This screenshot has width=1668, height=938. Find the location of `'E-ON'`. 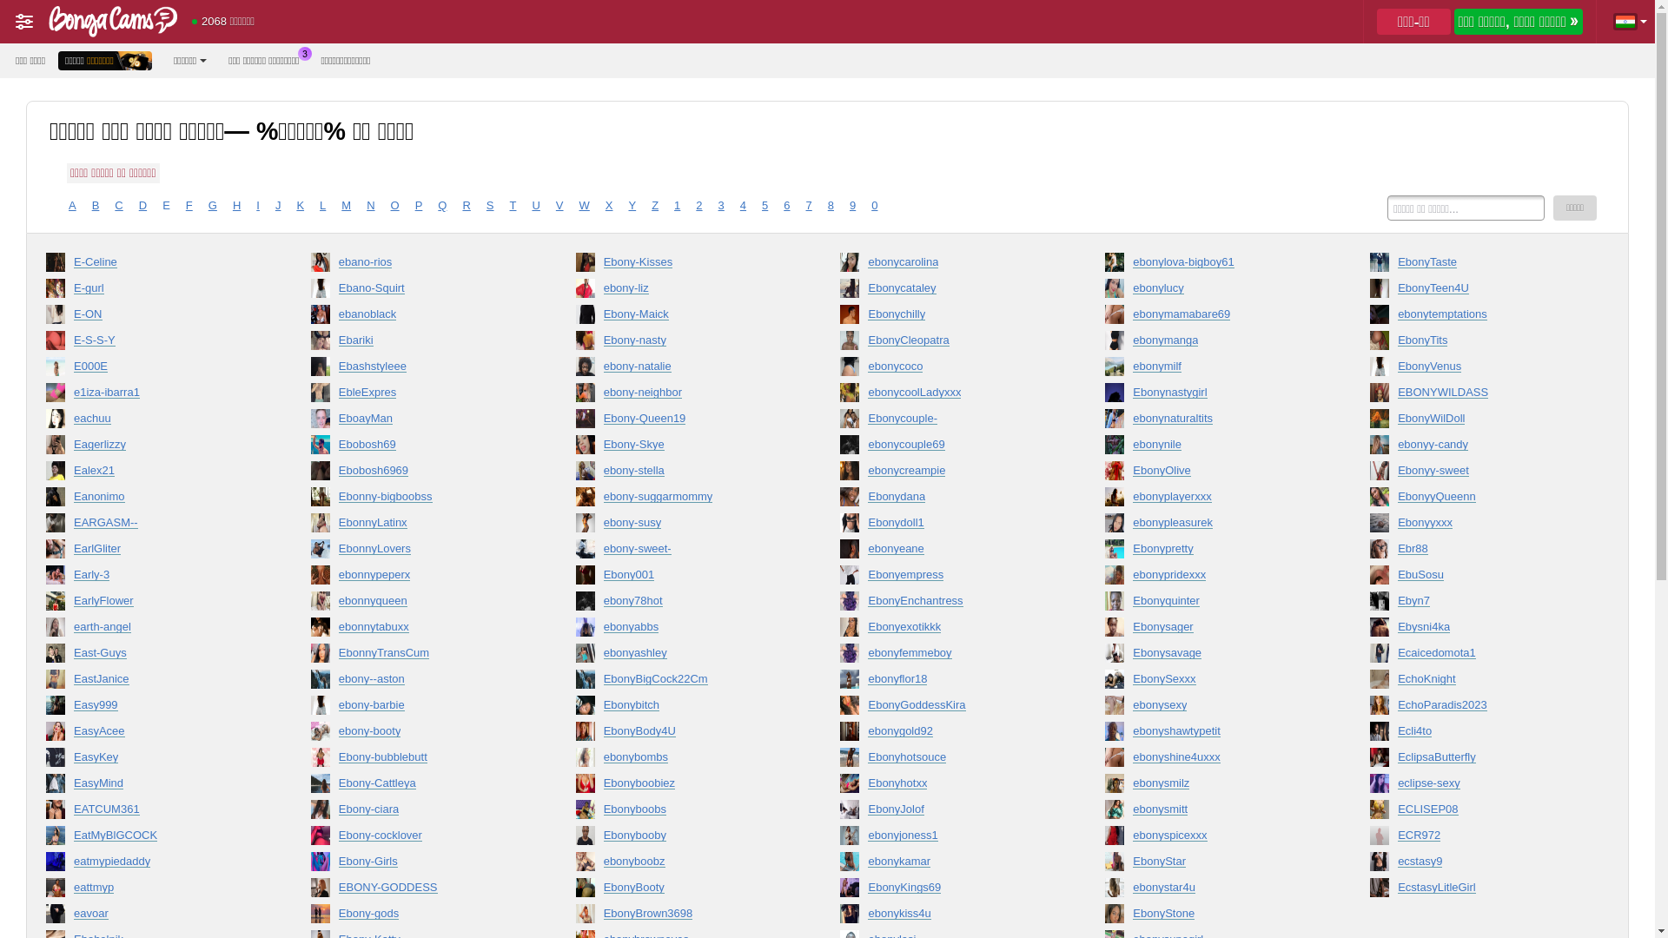

'E-ON' is located at coordinates (45, 318).